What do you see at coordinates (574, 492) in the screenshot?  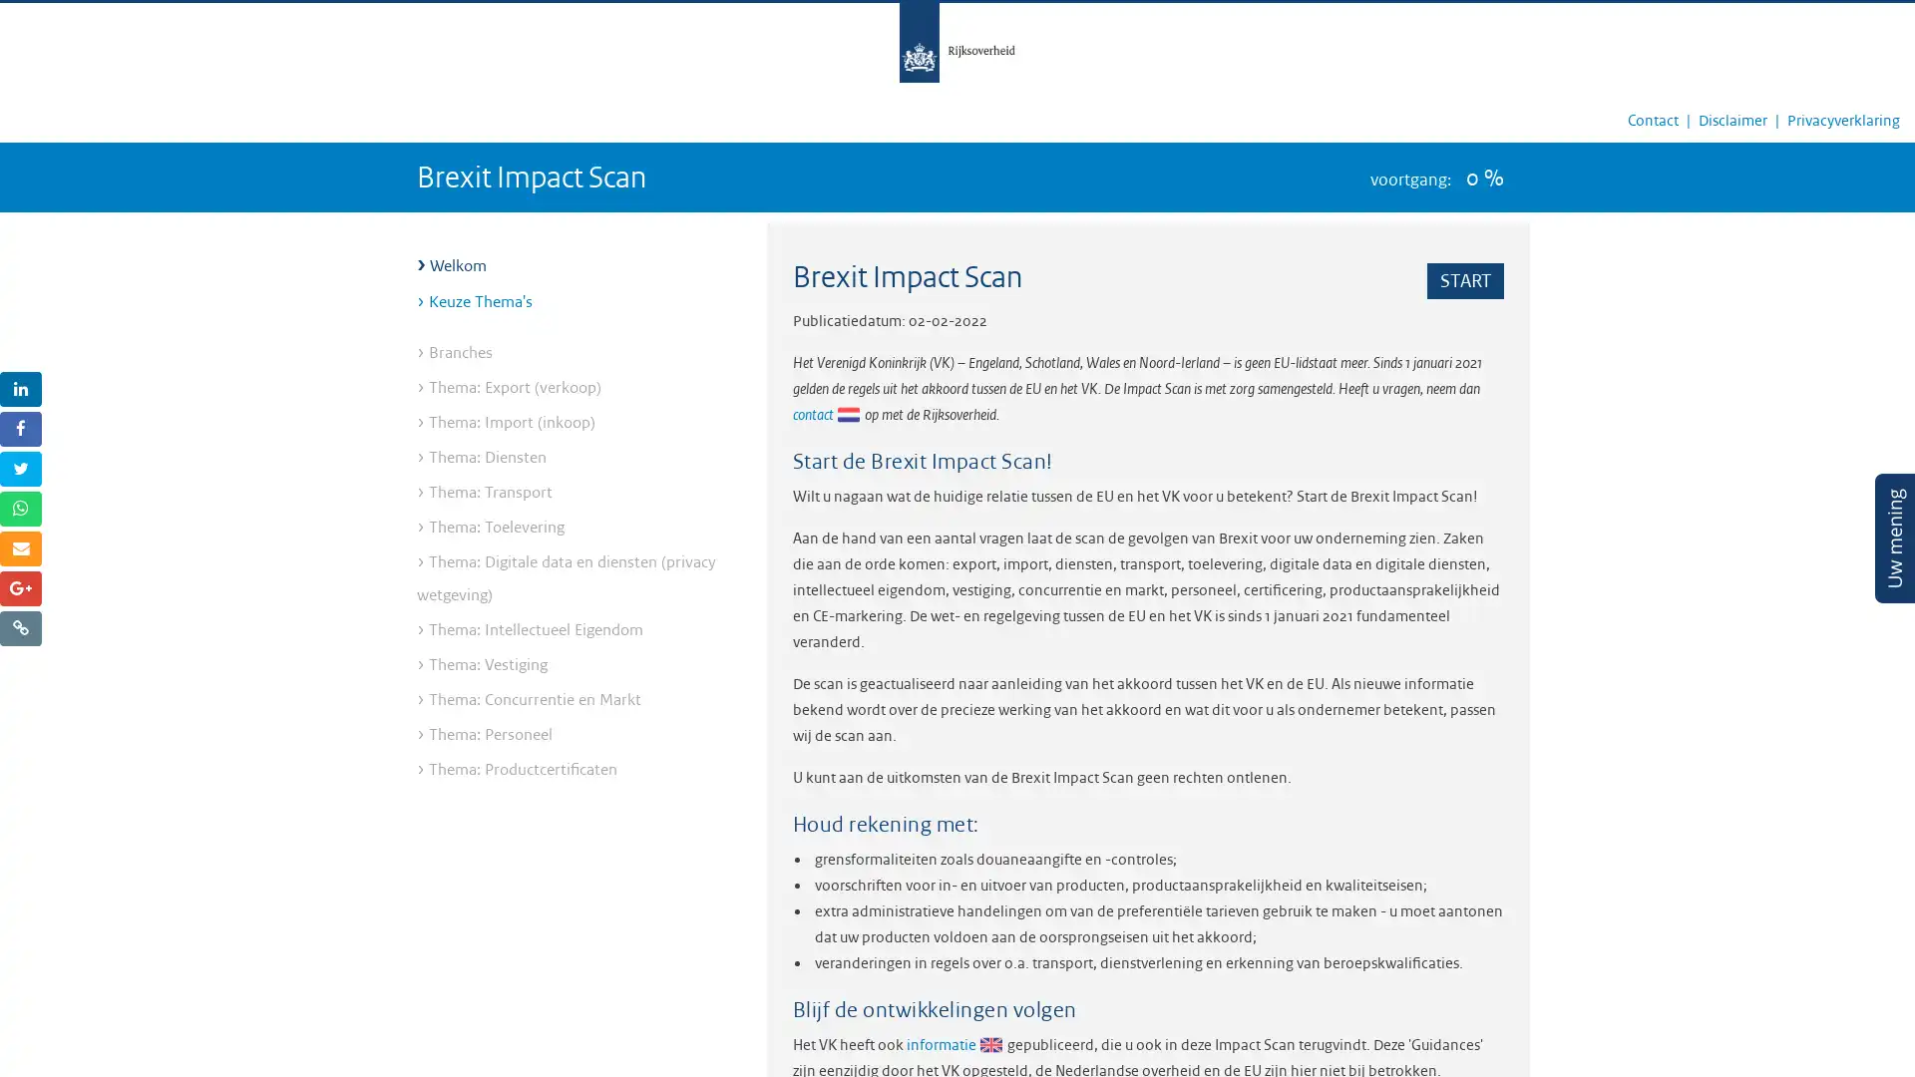 I see `Thema: Transport` at bounding box center [574, 492].